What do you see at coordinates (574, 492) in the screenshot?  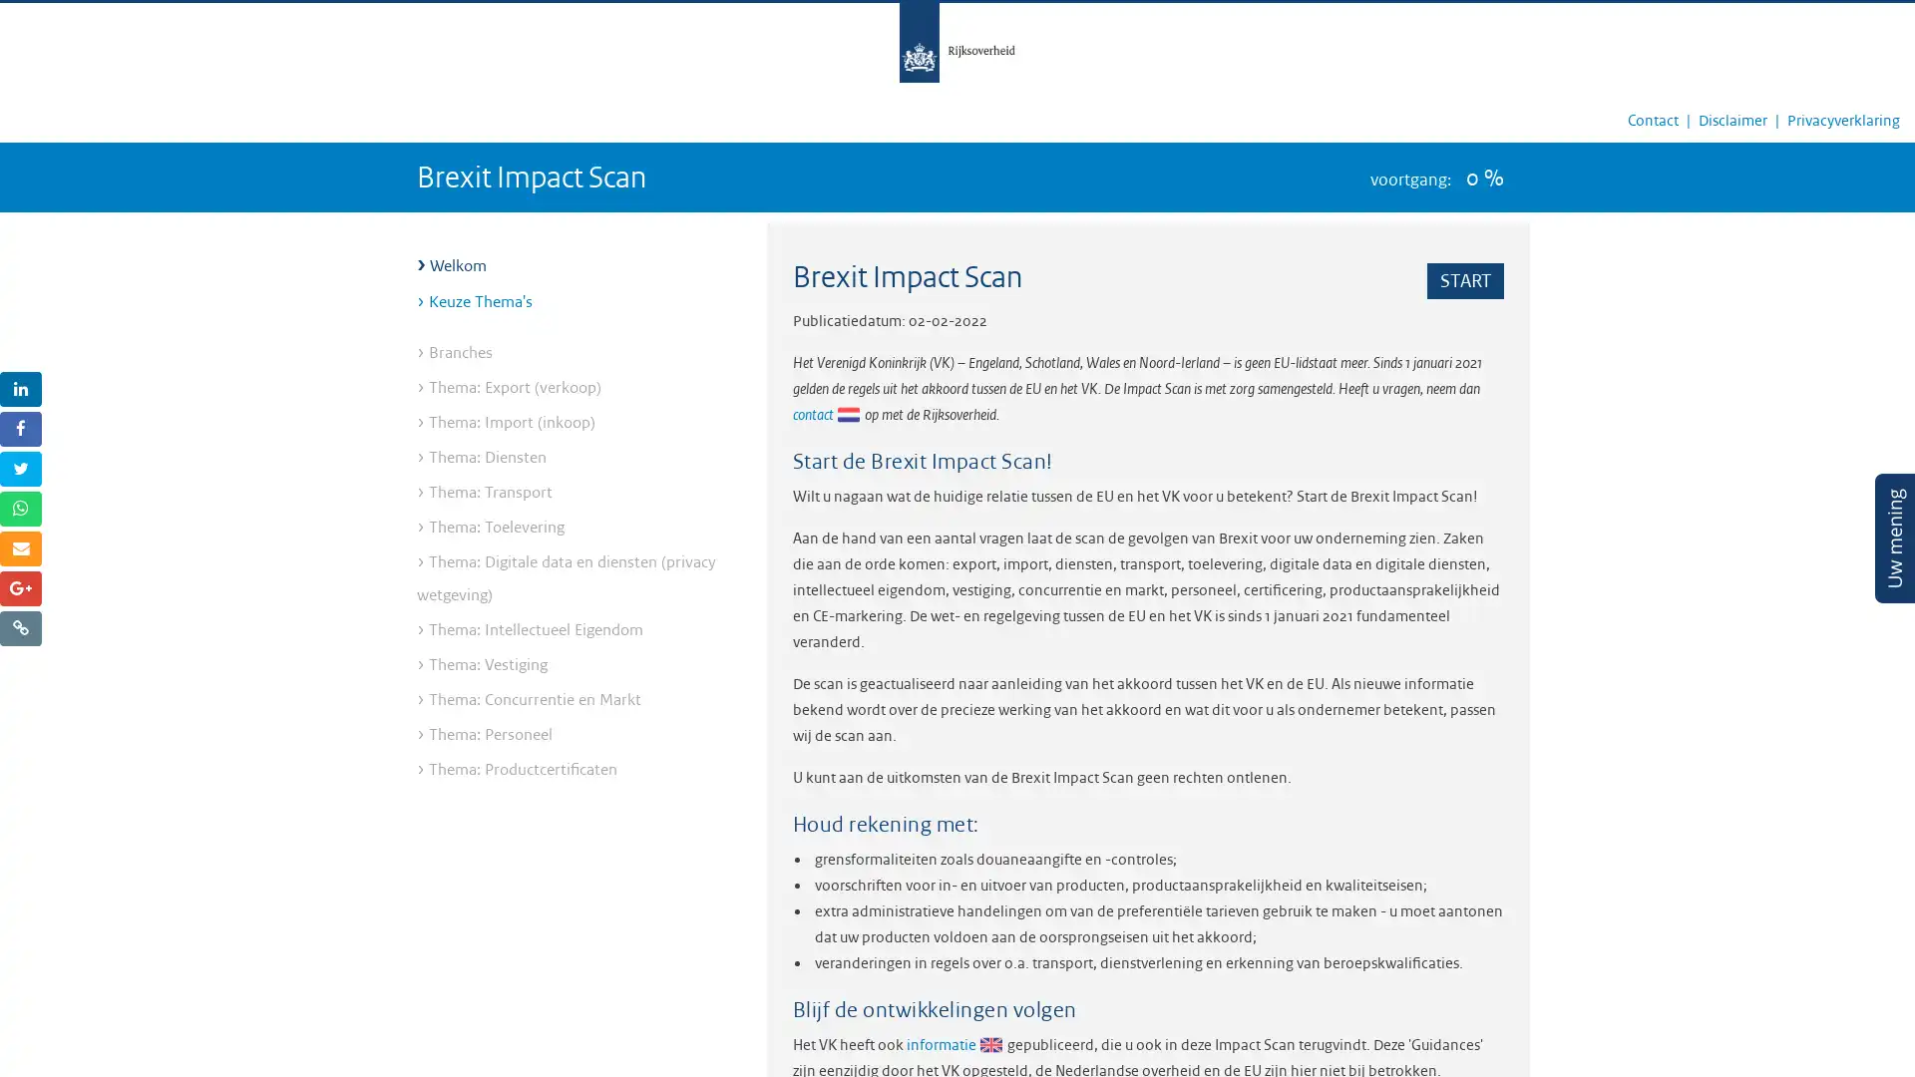 I see `Thema: Transport` at bounding box center [574, 492].